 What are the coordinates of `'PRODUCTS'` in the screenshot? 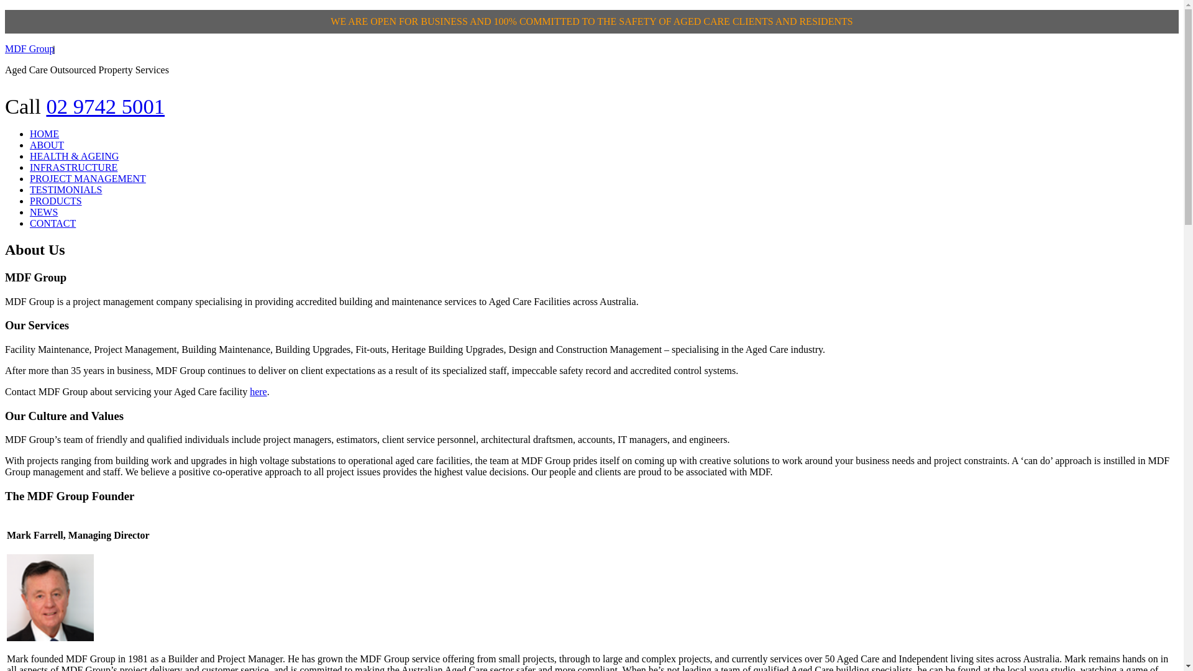 It's located at (30, 200).